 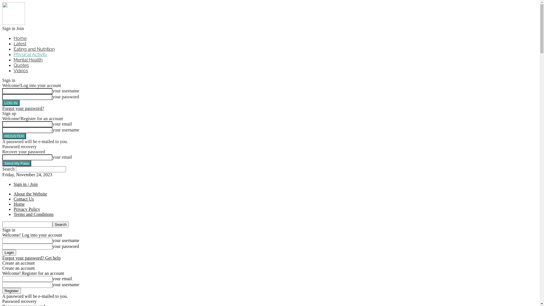 I want to click on 'Mental Health', so click(x=28, y=60).